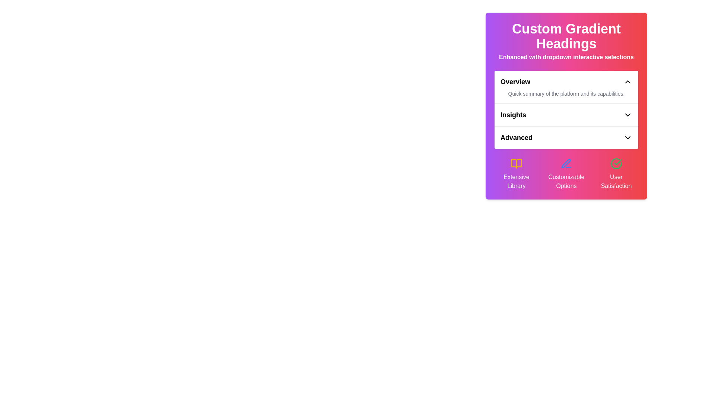  What do you see at coordinates (566, 163) in the screenshot?
I see `the middle customization icon in the card UI titled 'Custom Gradient Headings', which is flanked by 'Extensive Library' and 'User Satisfaction'` at bounding box center [566, 163].